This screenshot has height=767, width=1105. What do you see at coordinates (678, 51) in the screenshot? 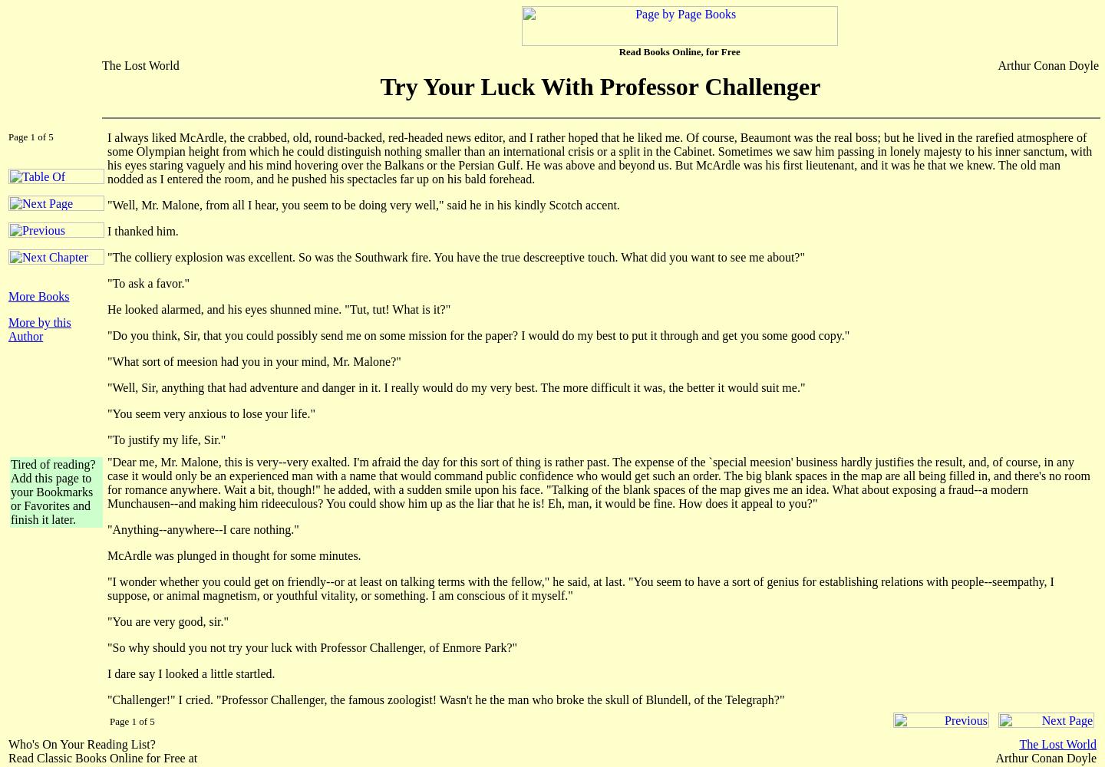
I see `'Read Books Online, for Free'` at bounding box center [678, 51].